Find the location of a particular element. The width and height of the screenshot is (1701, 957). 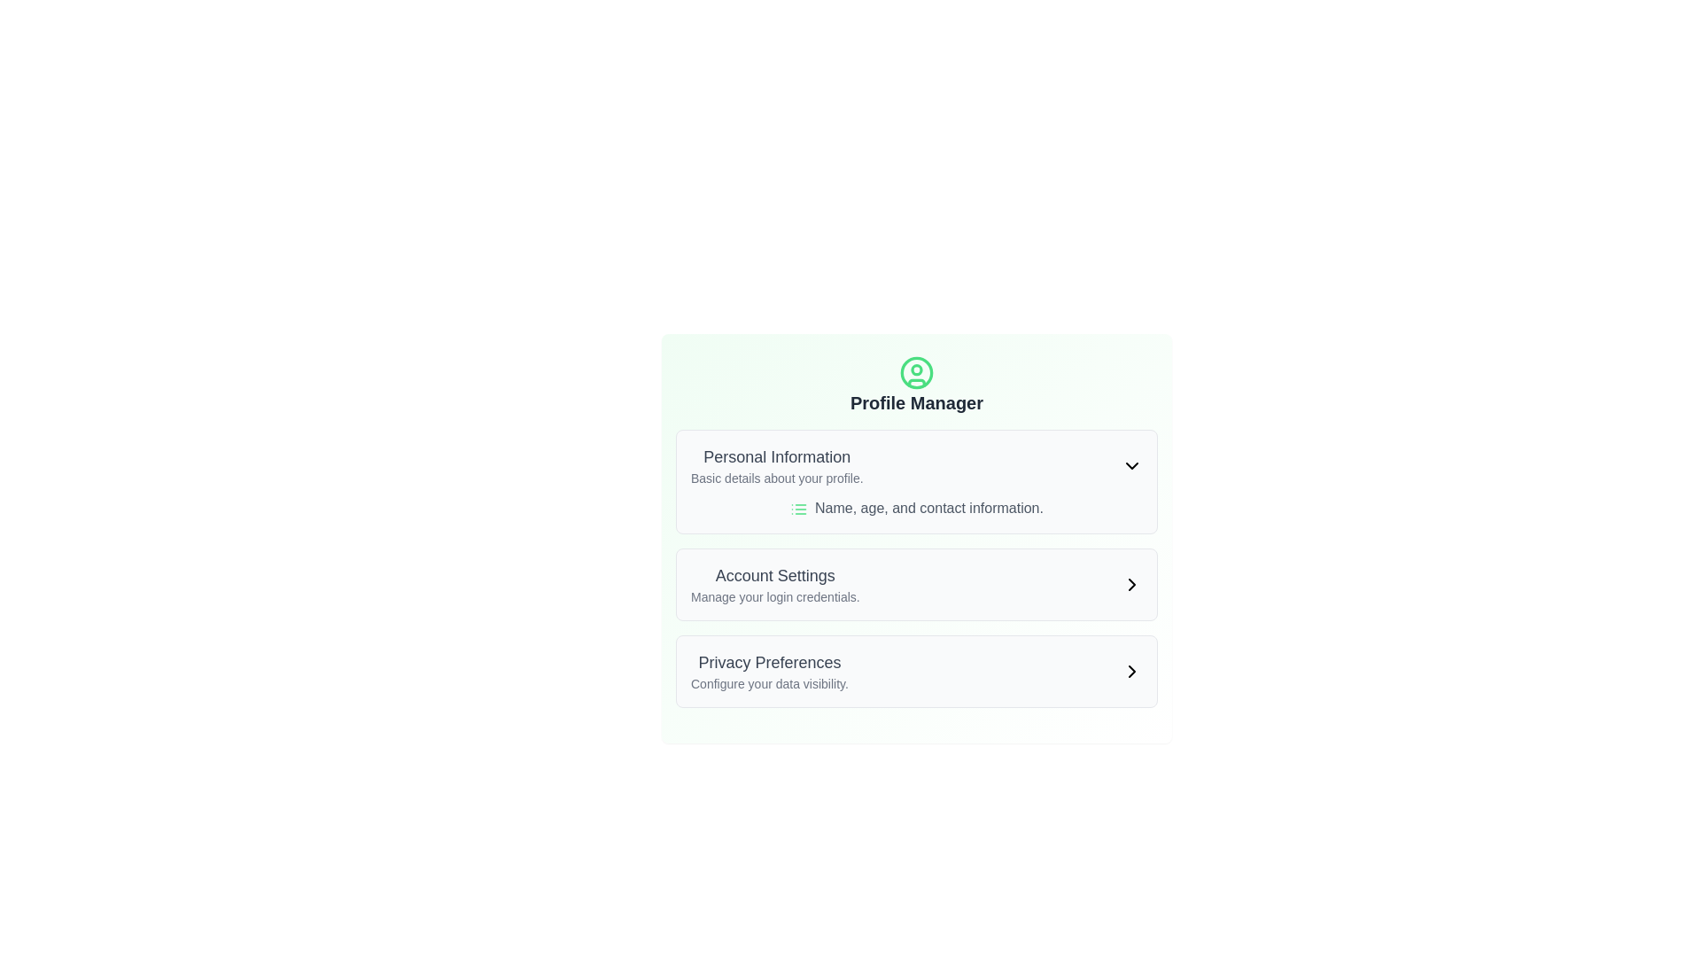

the 'Account Settings' text label located in the second row under 'Profile Manager' is located at coordinates (775, 584).